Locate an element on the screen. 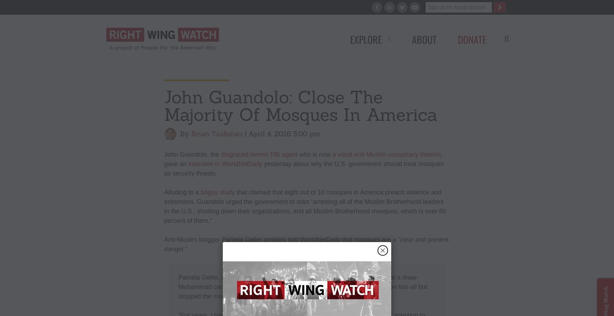 Image resolution: width=614 pixels, height=316 pixels. 'conspiracy' is located at coordinates (403, 154).